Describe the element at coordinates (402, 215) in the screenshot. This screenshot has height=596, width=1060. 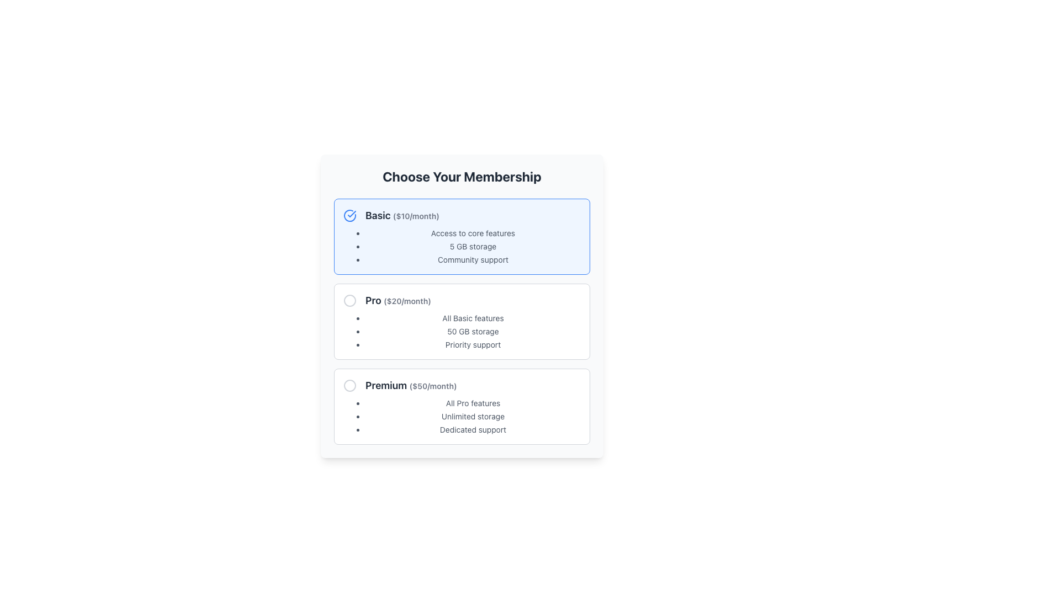
I see `the 'Basic ($10/month)' text label, which is styled in a larger, bold font and located near the top-left corner of the highlighted membership option under 'Choose Your Membership.'` at that location.